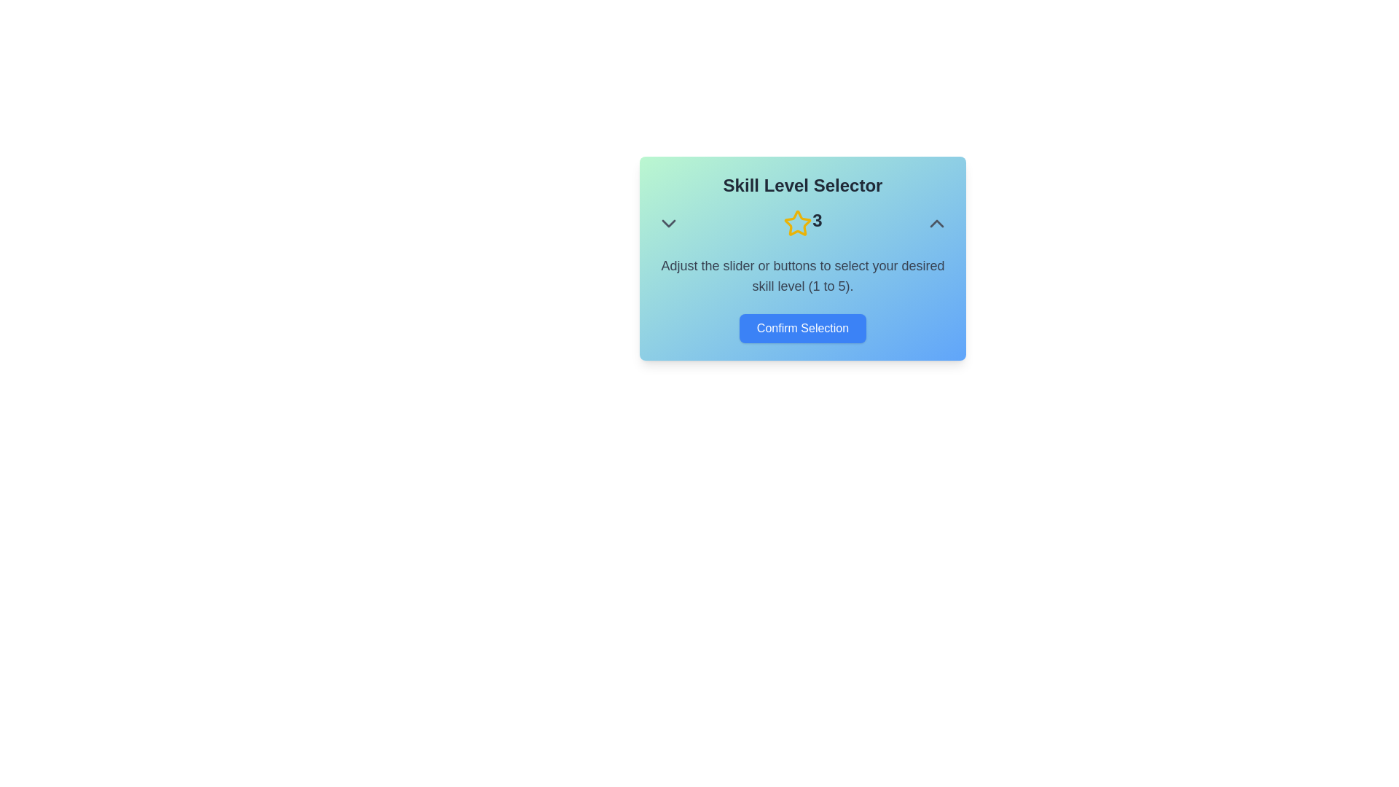 The image size is (1399, 787). Describe the element at coordinates (937, 224) in the screenshot. I see `increase button to raise the skill level by one` at that location.